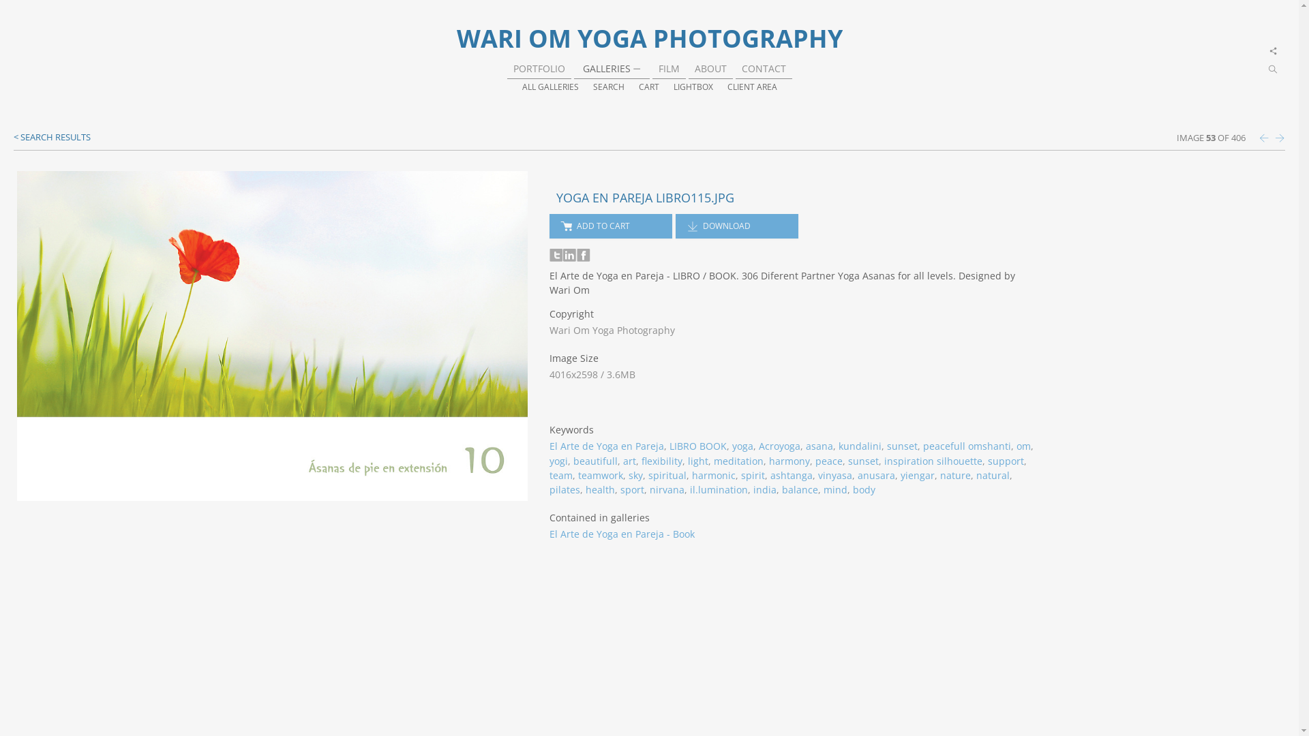 The image size is (1309, 736). What do you see at coordinates (738, 460) in the screenshot?
I see `'meditation'` at bounding box center [738, 460].